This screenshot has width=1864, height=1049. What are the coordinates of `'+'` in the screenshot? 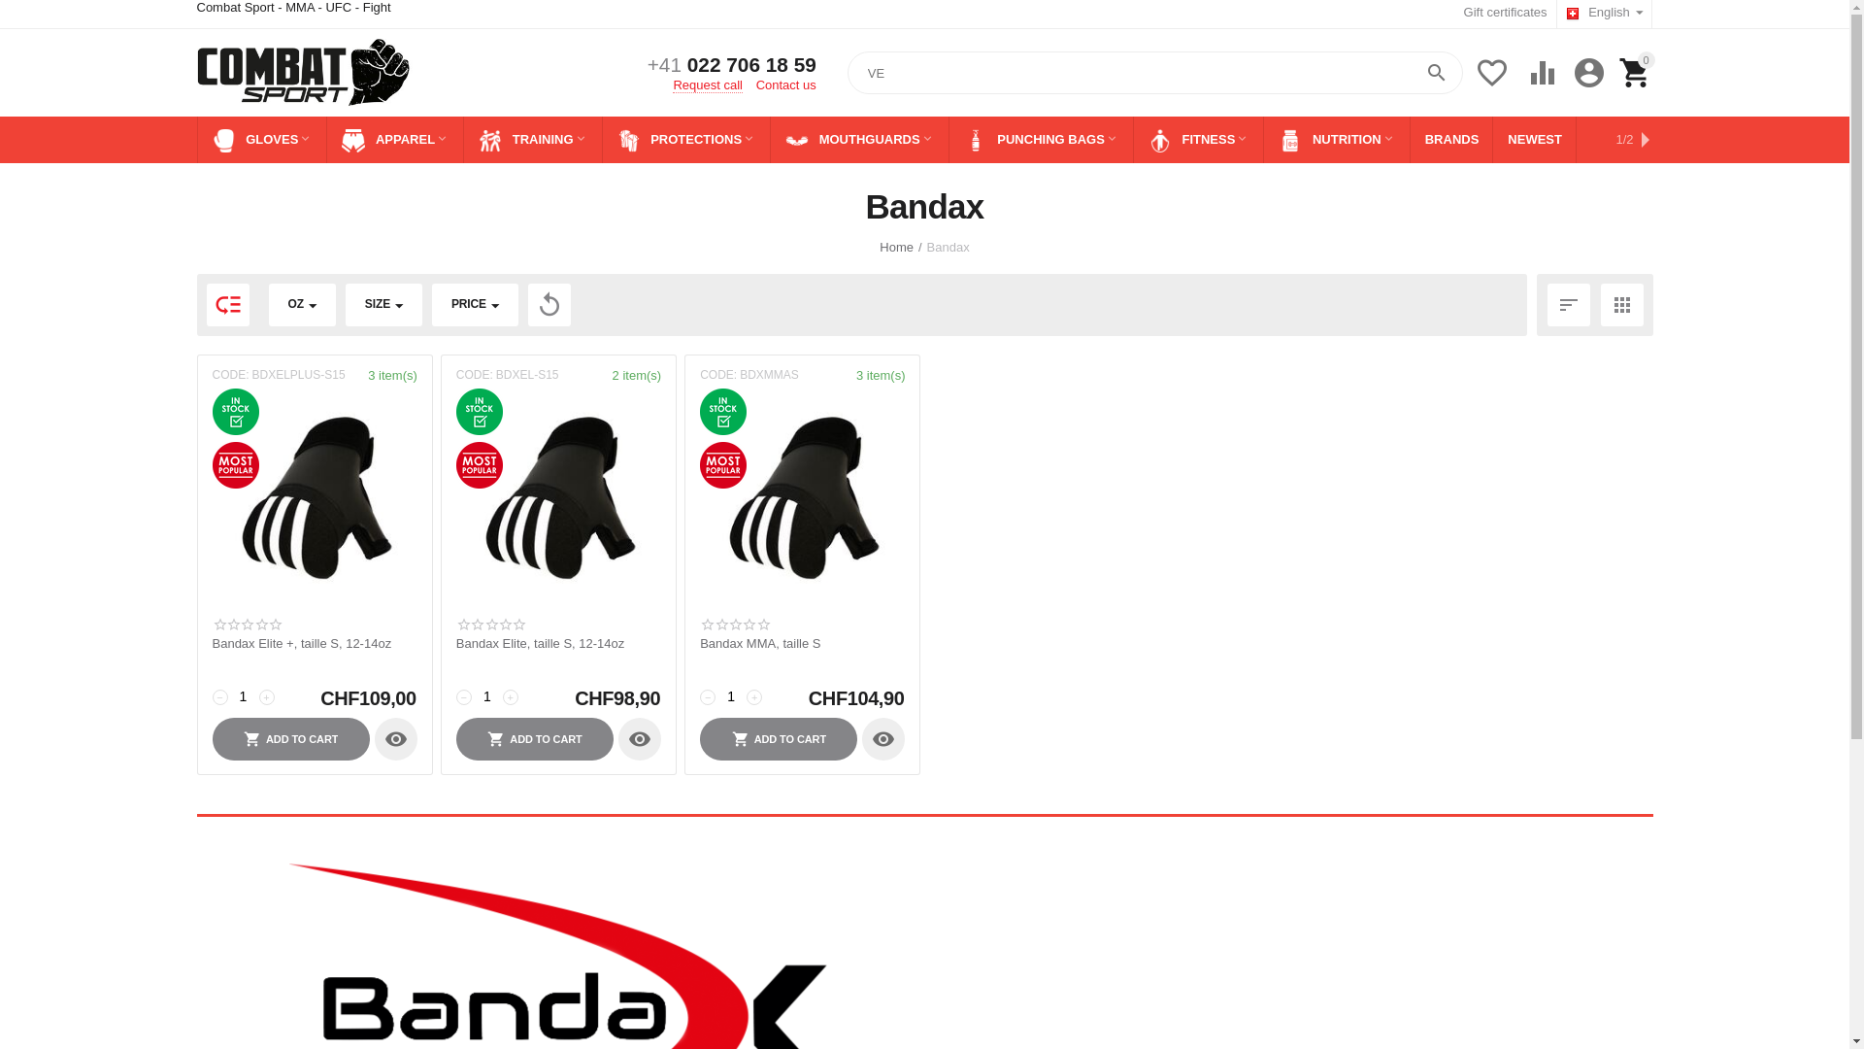 It's located at (264, 695).